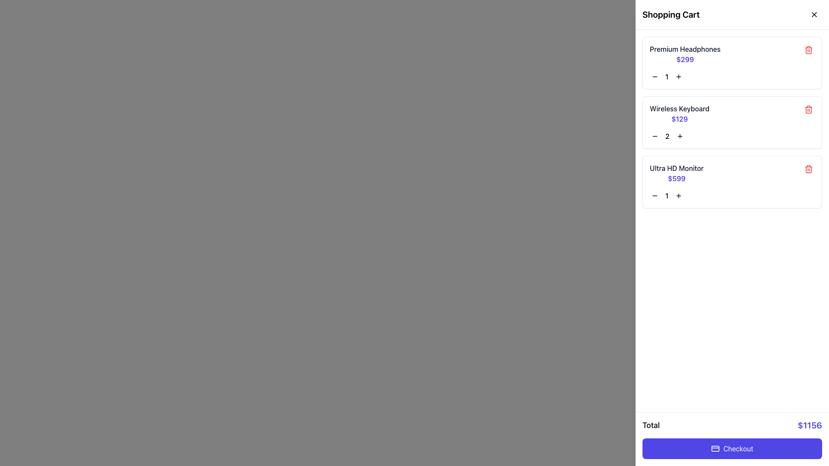 This screenshot has width=829, height=466. I want to click on the outlined plus icon located at the far right side of the shopping cart panel to increment the value, so click(678, 196).